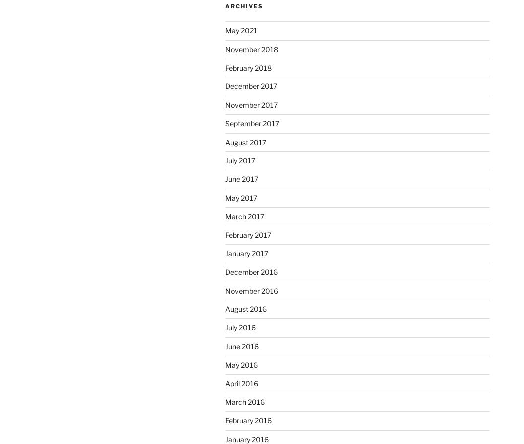 This screenshot has height=444, width=524. What do you see at coordinates (245, 216) in the screenshot?
I see `'March 2017'` at bounding box center [245, 216].